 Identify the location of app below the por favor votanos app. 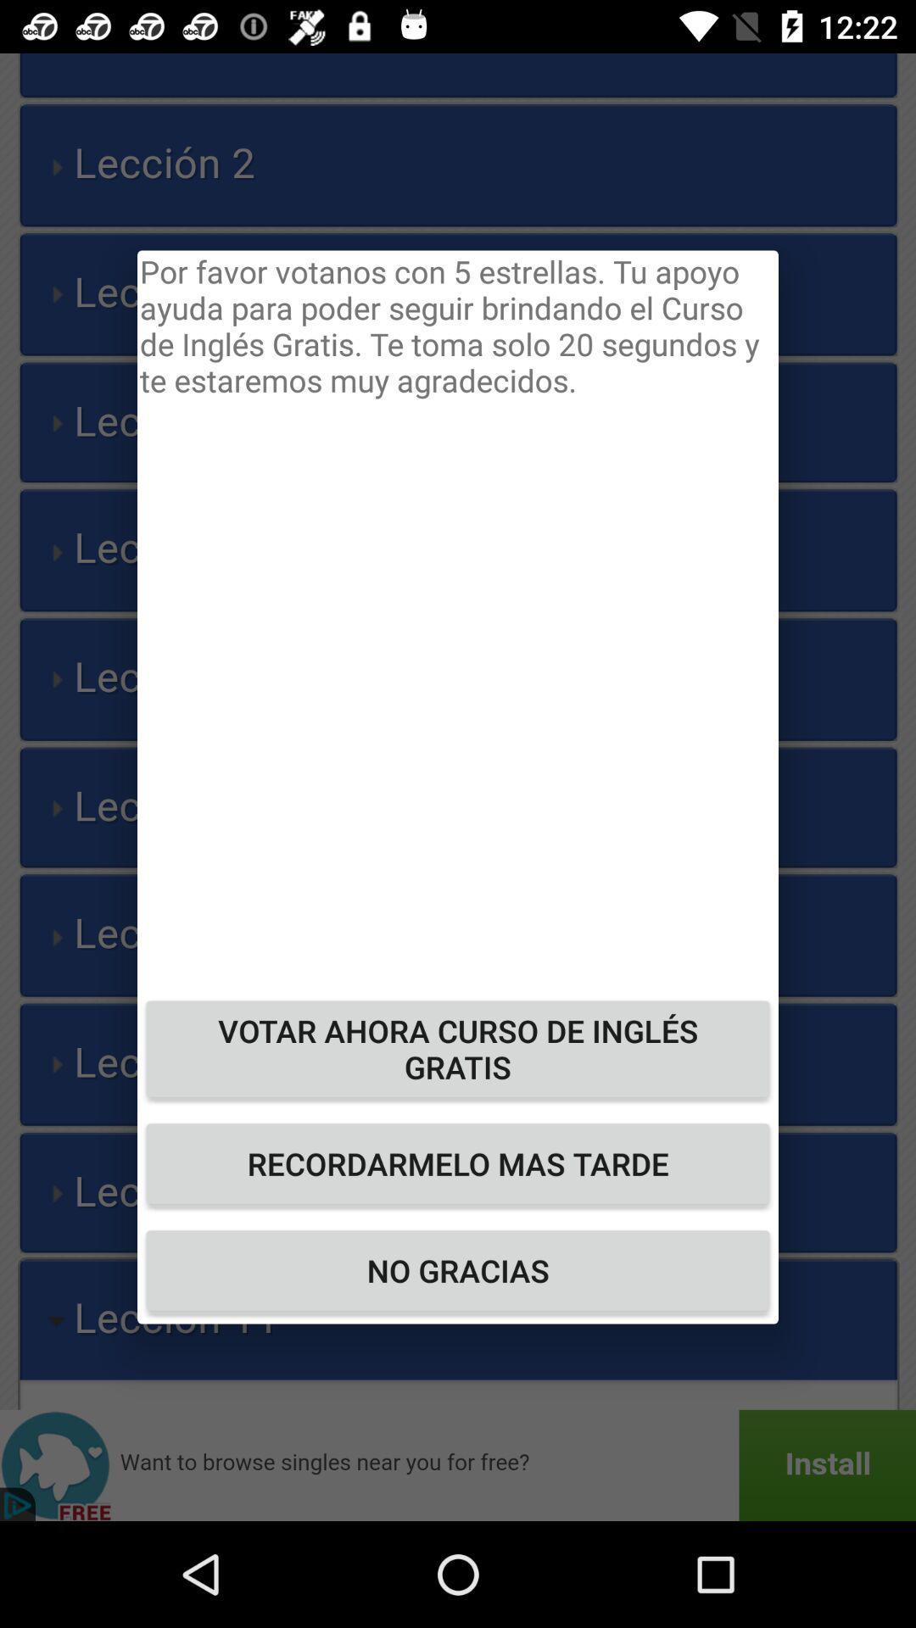
(458, 1048).